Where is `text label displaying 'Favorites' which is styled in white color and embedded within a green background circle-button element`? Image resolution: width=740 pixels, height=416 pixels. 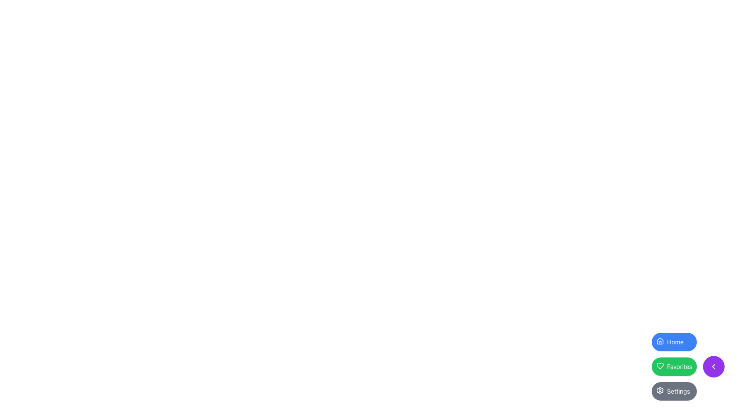 text label displaying 'Favorites' which is styled in white color and embedded within a green background circle-button element is located at coordinates (679, 366).